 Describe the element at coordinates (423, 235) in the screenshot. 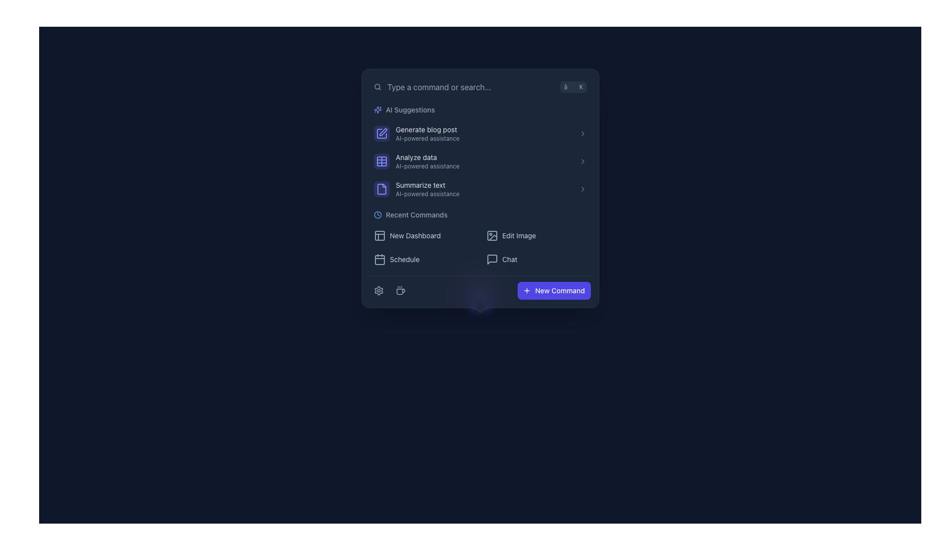

I see `the 'New Dashboard' button, which has a dark background with light text and a grid icon` at that location.